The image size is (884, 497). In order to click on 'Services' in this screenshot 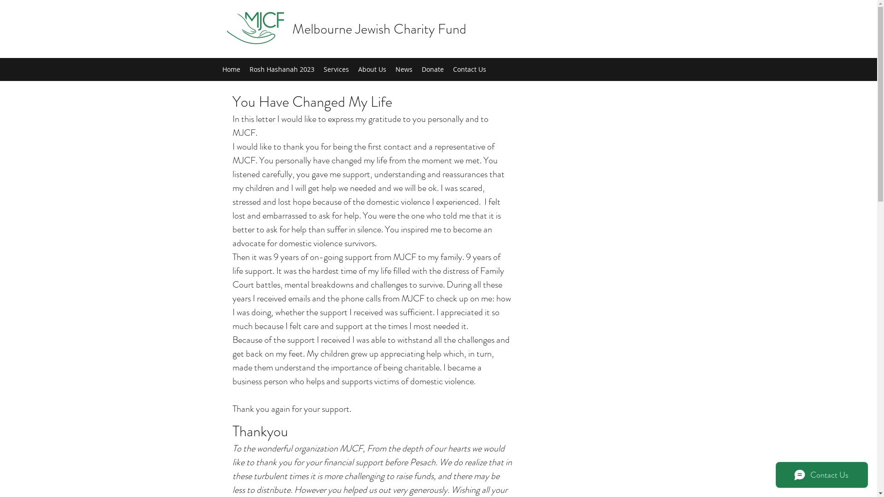, I will do `click(335, 69)`.